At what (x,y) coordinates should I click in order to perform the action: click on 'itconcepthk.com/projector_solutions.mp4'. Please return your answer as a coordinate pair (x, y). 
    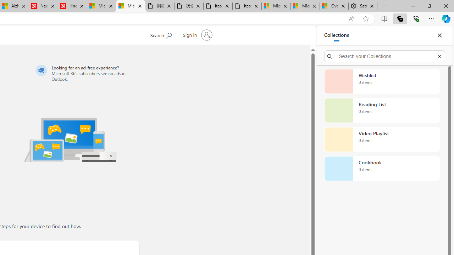
    Looking at the image, I should click on (247, 6).